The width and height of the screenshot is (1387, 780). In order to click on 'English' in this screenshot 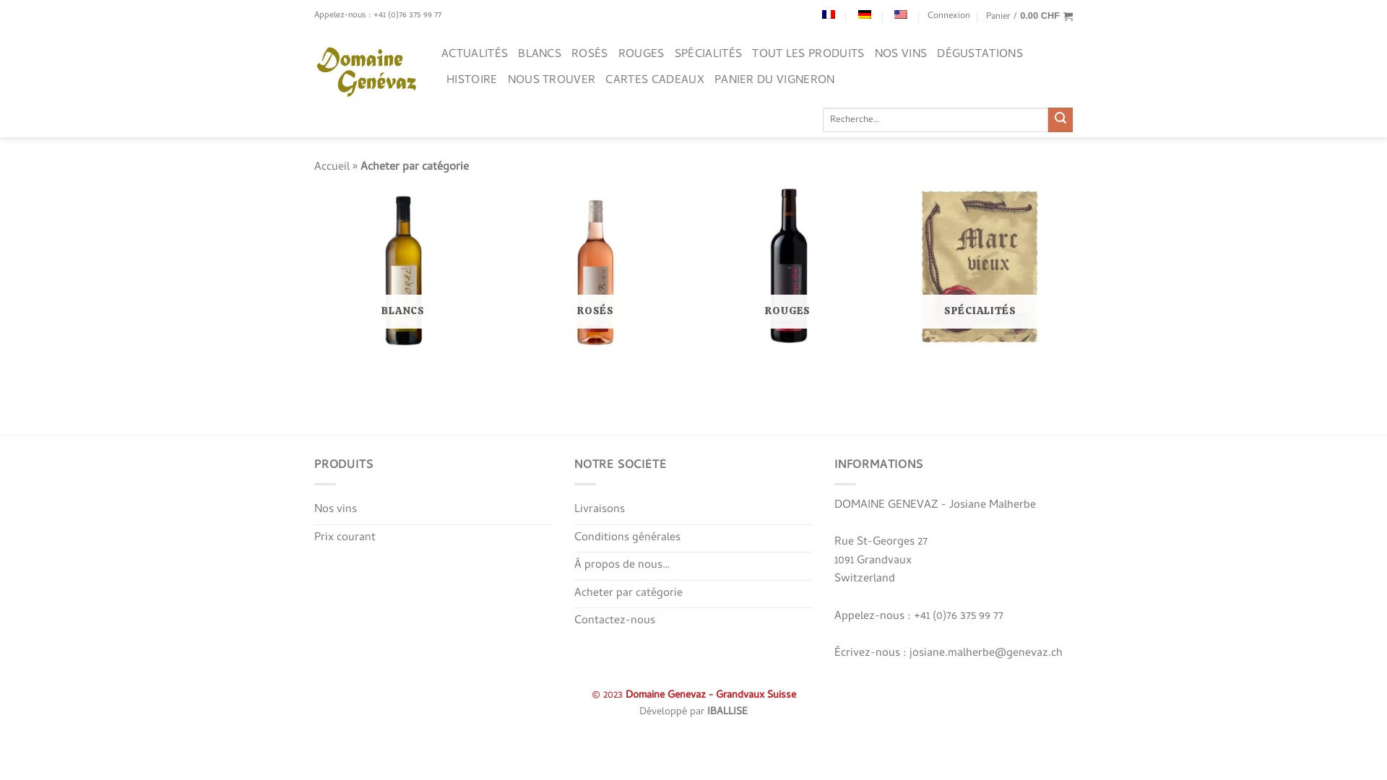, I will do `click(900, 14)`.